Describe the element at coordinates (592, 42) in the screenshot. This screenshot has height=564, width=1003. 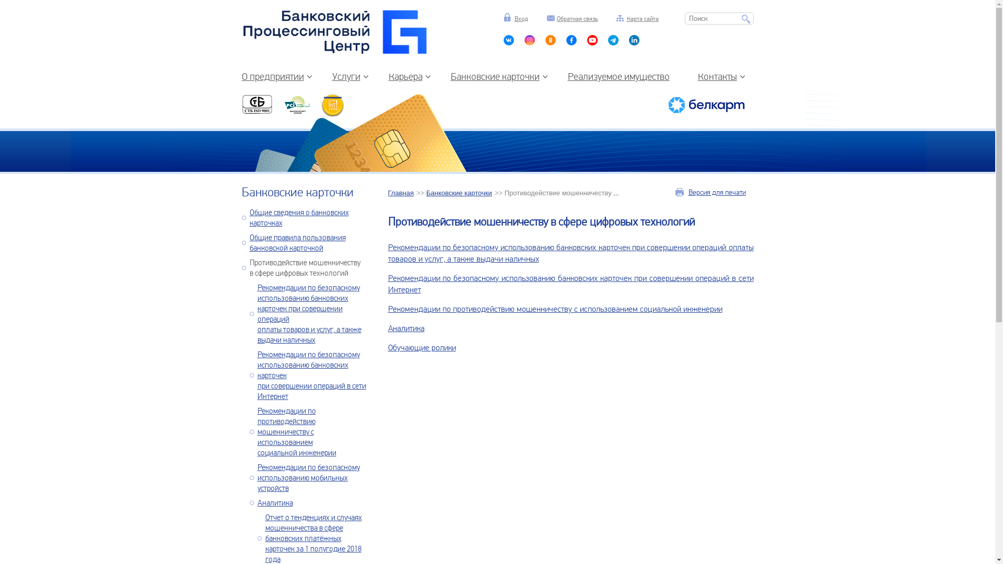
I see `'Facebook'` at that location.